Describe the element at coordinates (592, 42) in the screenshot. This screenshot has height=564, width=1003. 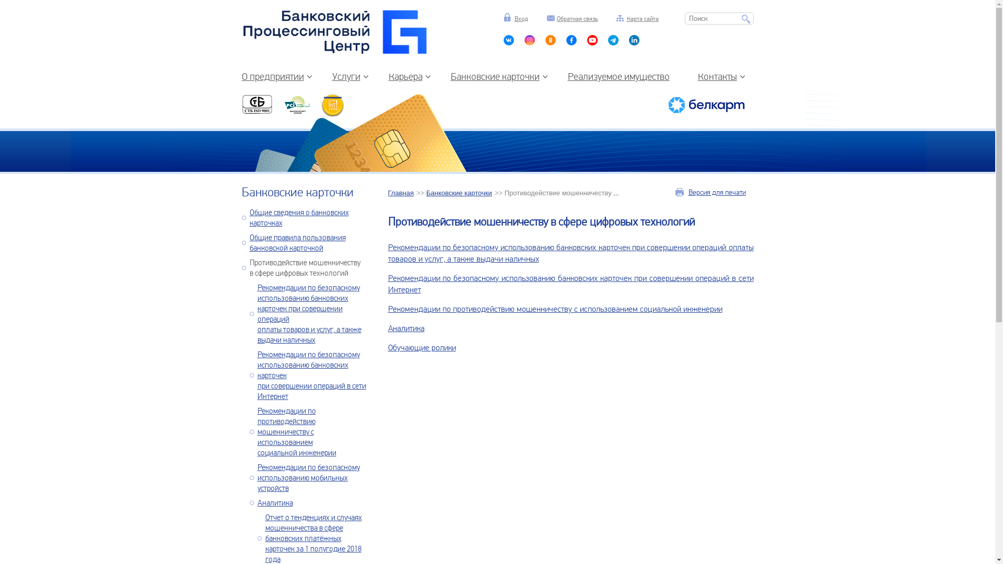
I see `'Facebook'` at that location.